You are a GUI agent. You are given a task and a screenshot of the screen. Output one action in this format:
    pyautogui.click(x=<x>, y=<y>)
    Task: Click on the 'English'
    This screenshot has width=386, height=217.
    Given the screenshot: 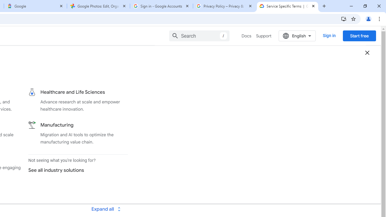 What is the action you would take?
    pyautogui.click(x=297, y=36)
    